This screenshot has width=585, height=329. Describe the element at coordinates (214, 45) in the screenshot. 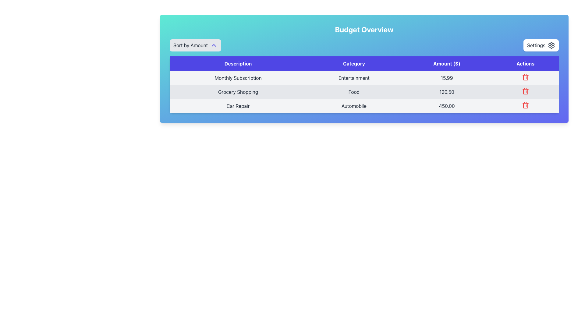

I see `the upward-pointing purple arrowhead icon that is part of the 'Sort by Amount' button, located immediately to the right of the label text` at that location.